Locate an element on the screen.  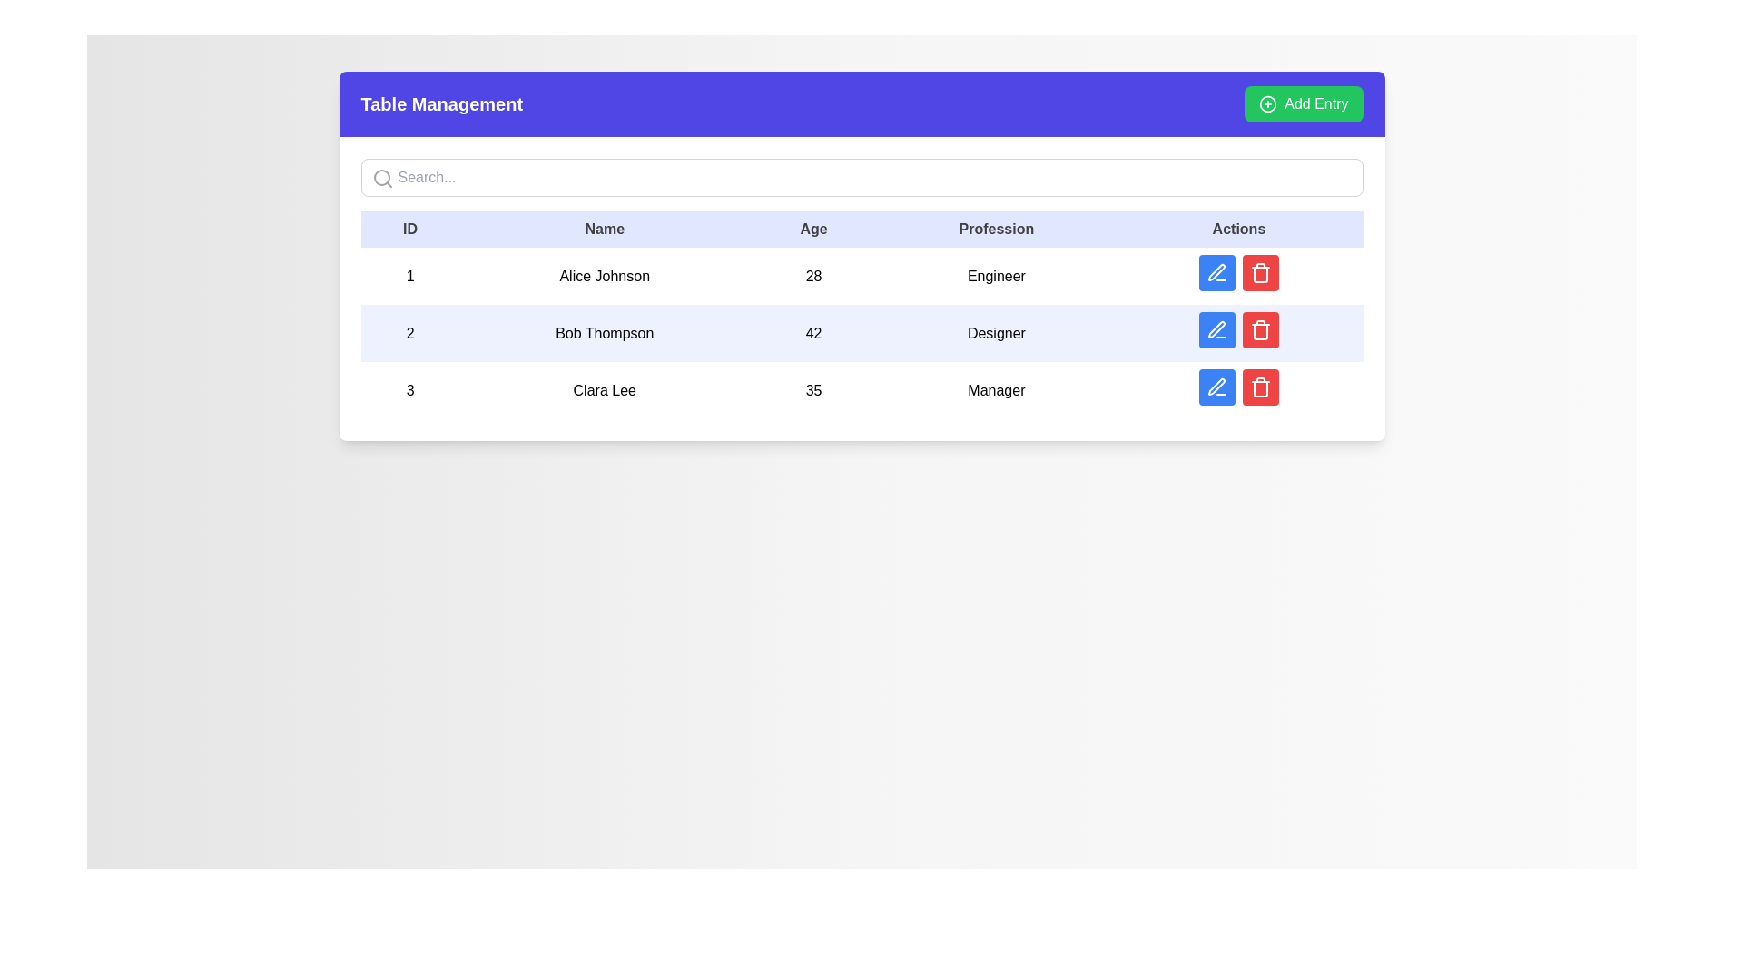
the blue button with a white pen icon in the 'Actions' column for the row associated with 'Bob Thompson' to initiate editing is located at coordinates (1237, 333).